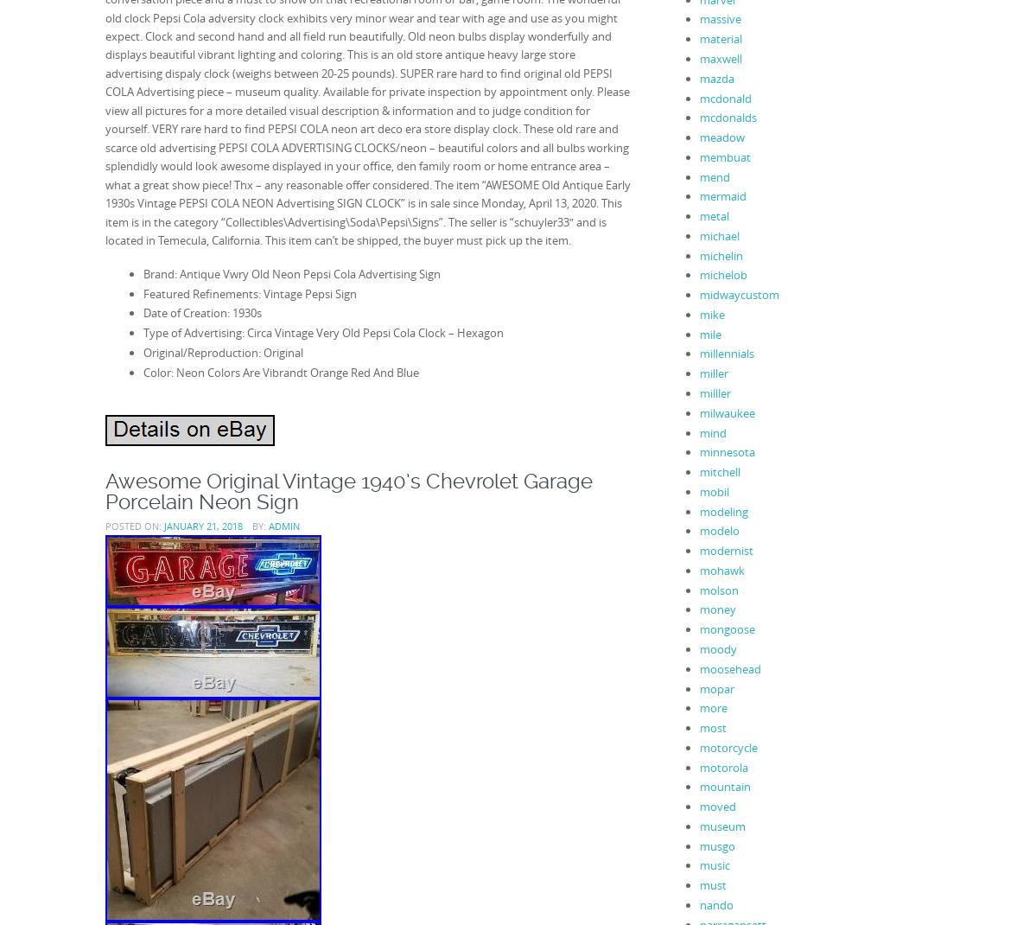 This screenshot has width=1023, height=925. I want to click on 'must', so click(698, 884).